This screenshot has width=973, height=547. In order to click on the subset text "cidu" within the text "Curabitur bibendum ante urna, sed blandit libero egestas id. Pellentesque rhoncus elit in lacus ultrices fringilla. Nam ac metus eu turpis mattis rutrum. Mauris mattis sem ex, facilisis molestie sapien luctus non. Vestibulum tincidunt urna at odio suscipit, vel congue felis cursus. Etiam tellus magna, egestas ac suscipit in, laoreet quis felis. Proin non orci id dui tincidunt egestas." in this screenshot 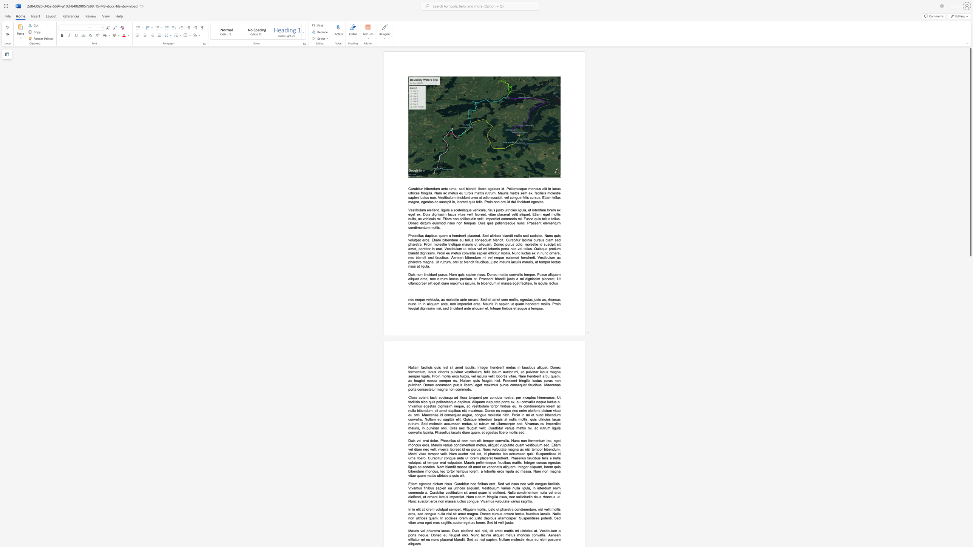, I will do `click(520, 202)`.